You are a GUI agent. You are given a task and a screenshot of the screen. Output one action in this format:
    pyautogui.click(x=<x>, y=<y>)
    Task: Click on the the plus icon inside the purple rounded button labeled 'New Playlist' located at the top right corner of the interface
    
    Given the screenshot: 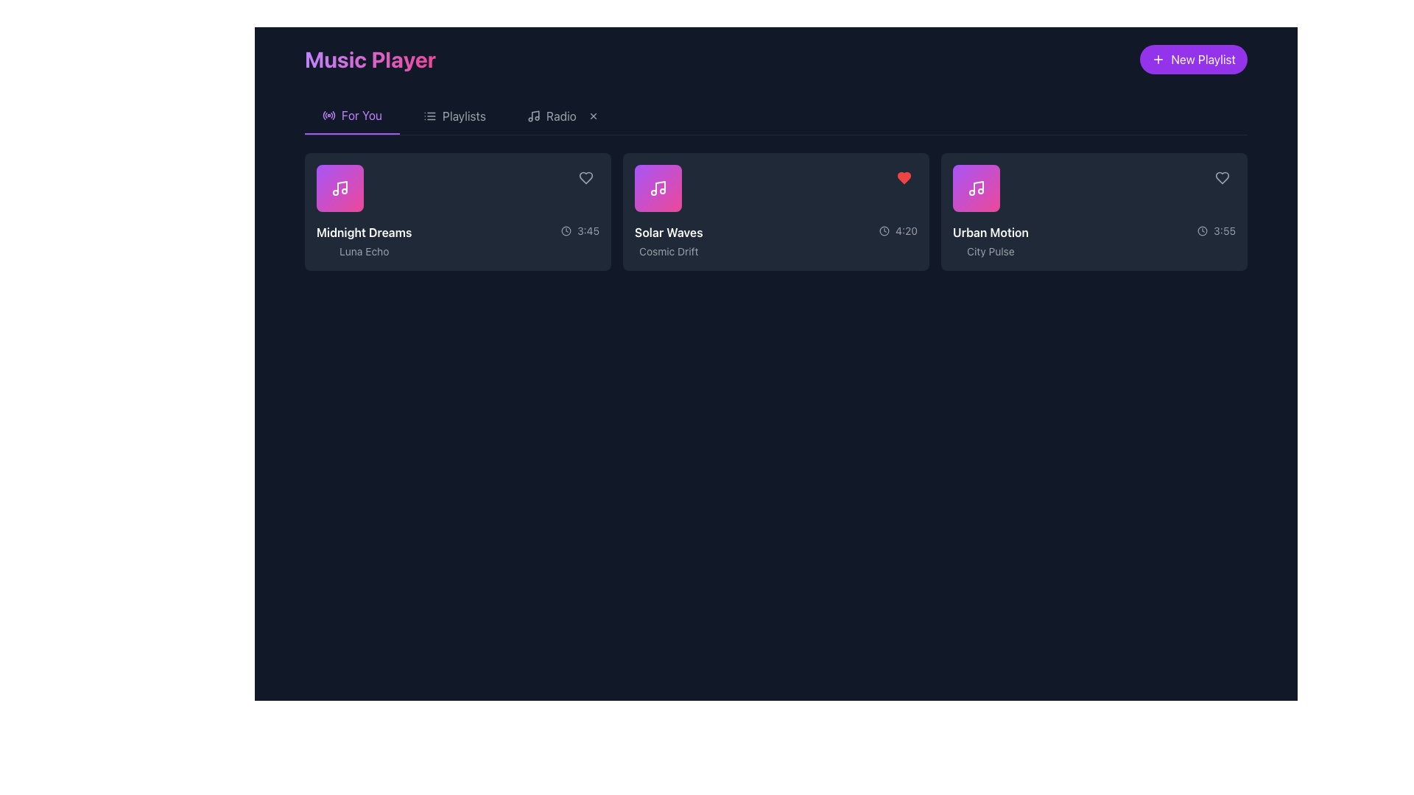 What is the action you would take?
    pyautogui.click(x=1158, y=59)
    